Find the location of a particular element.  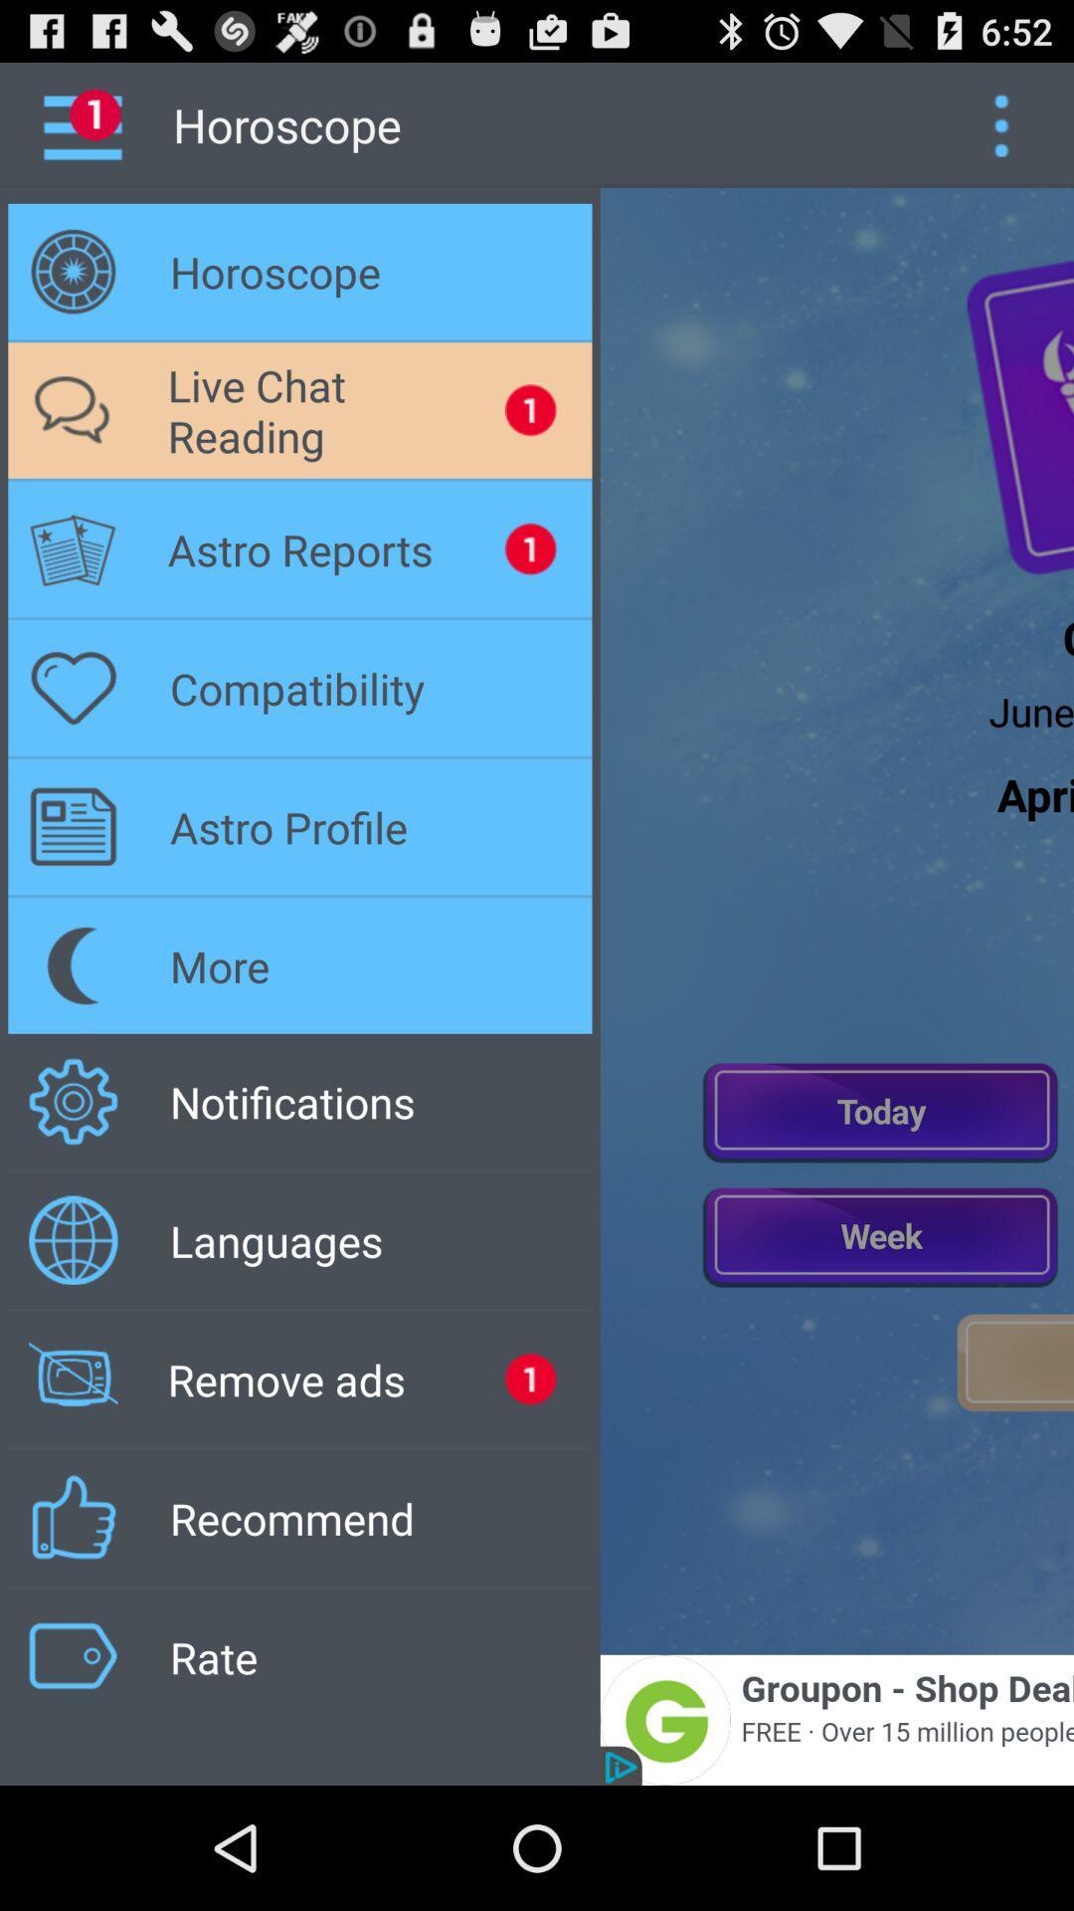

click for advertisement is located at coordinates (836, 1719).